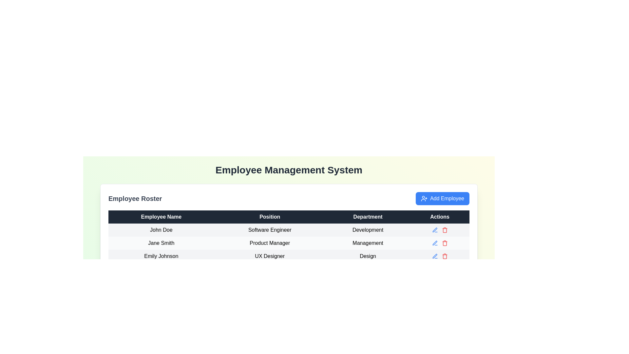 This screenshot has width=629, height=354. I want to click on the Text label displaying 'John Doe', which represents an employee's name in the roster and is positioned in the 'Employee Name' column of the table under 'Employee Roster', so click(161, 230).